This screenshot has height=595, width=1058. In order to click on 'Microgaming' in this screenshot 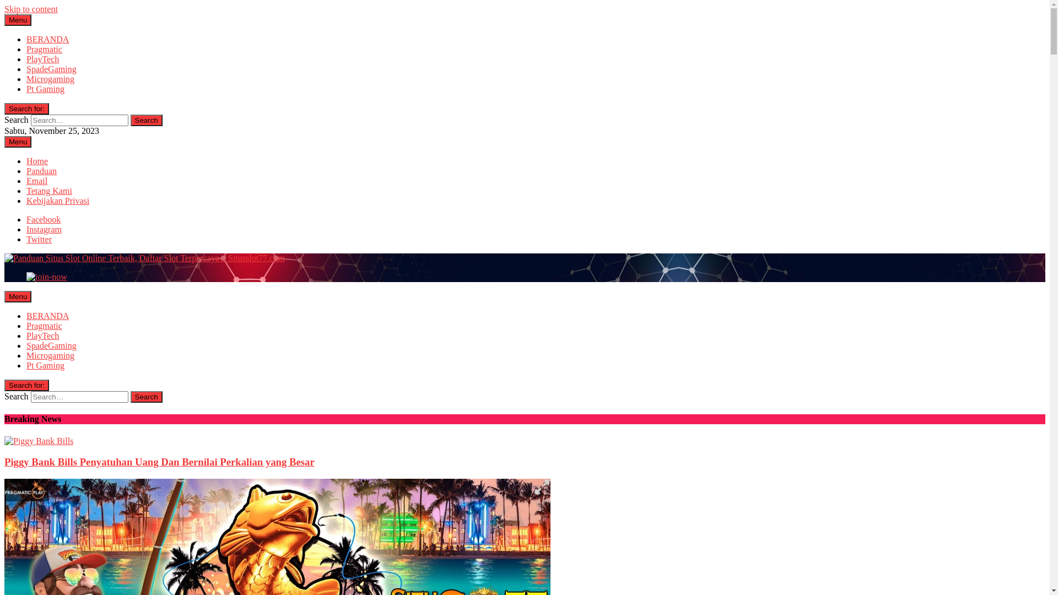, I will do `click(50, 355)`.